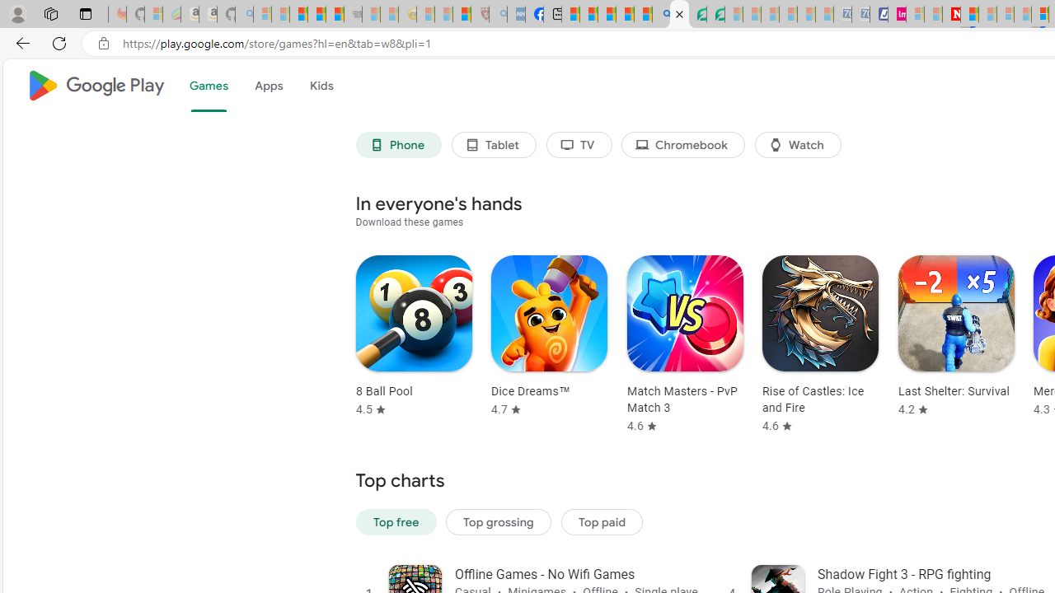  Describe the element at coordinates (951, 14) in the screenshot. I see `'Latest Politics News & Archive | Newsweek.com'` at that location.